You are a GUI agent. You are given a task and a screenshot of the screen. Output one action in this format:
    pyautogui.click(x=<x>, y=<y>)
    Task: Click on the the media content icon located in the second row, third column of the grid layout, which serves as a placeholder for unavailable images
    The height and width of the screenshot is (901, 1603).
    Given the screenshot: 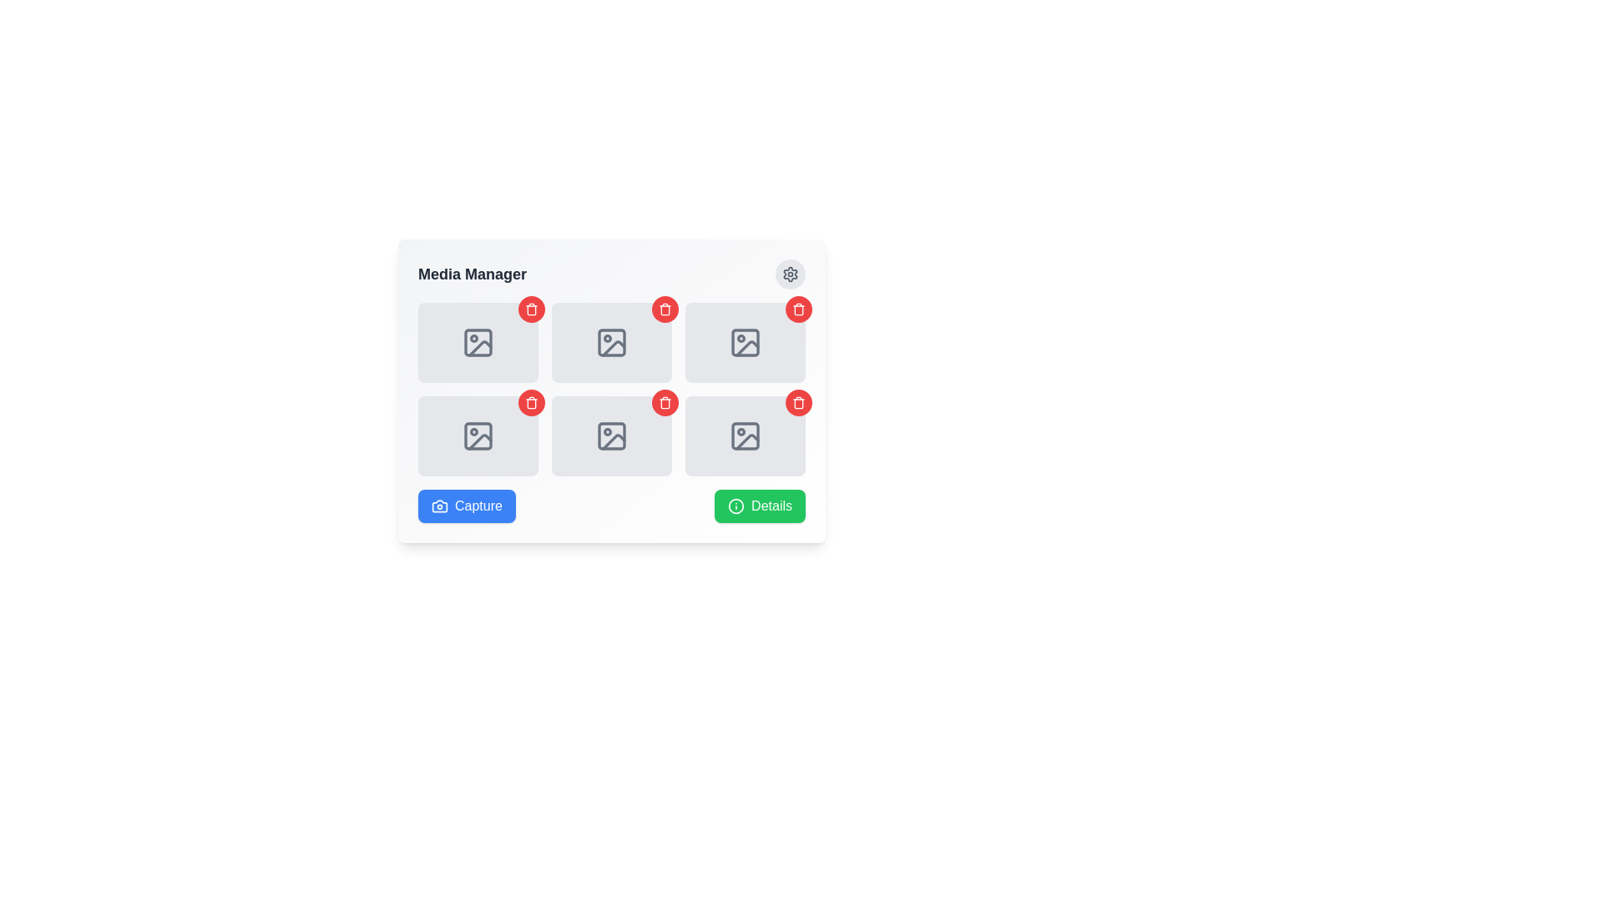 What is the action you would take?
    pyautogui.click(x=744, y=342)
    